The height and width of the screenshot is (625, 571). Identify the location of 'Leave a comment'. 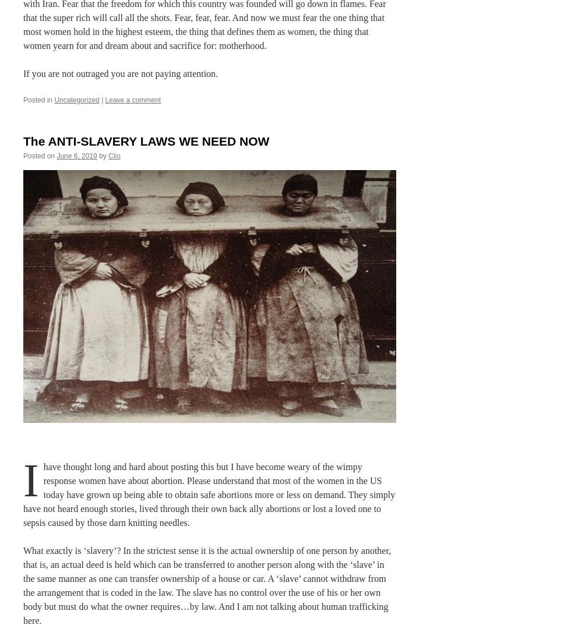
(132, 99).